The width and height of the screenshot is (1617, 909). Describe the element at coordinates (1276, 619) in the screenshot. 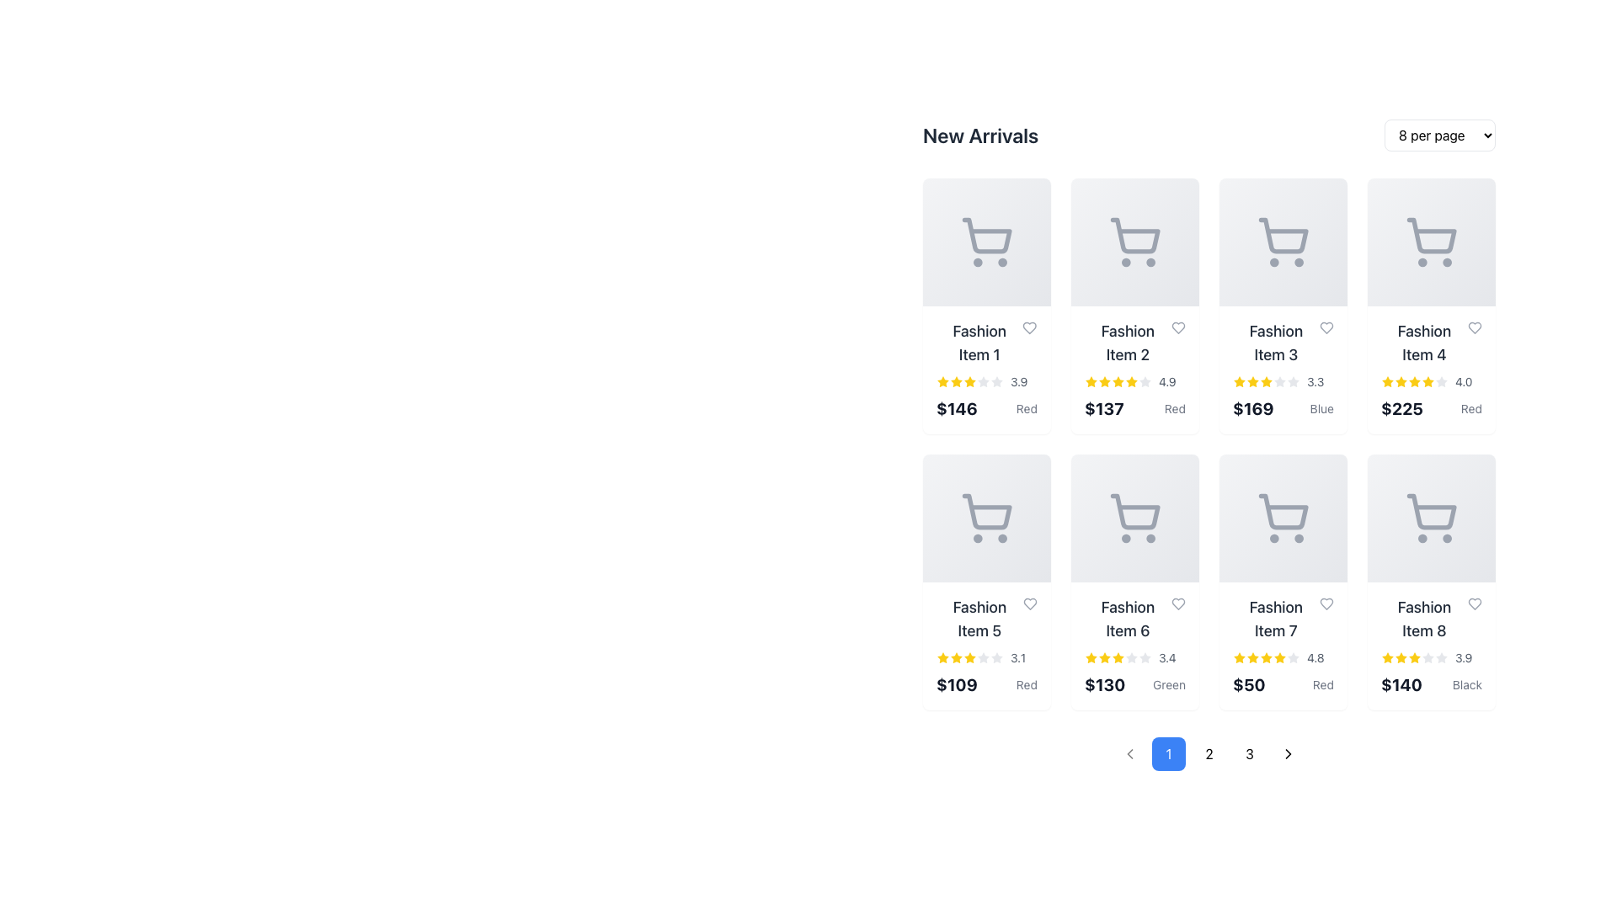

I see `the text label displaying 'Fashion Item 7' located in the second row, third column of the grid layout under the 'New Arrivals' section` at that location.